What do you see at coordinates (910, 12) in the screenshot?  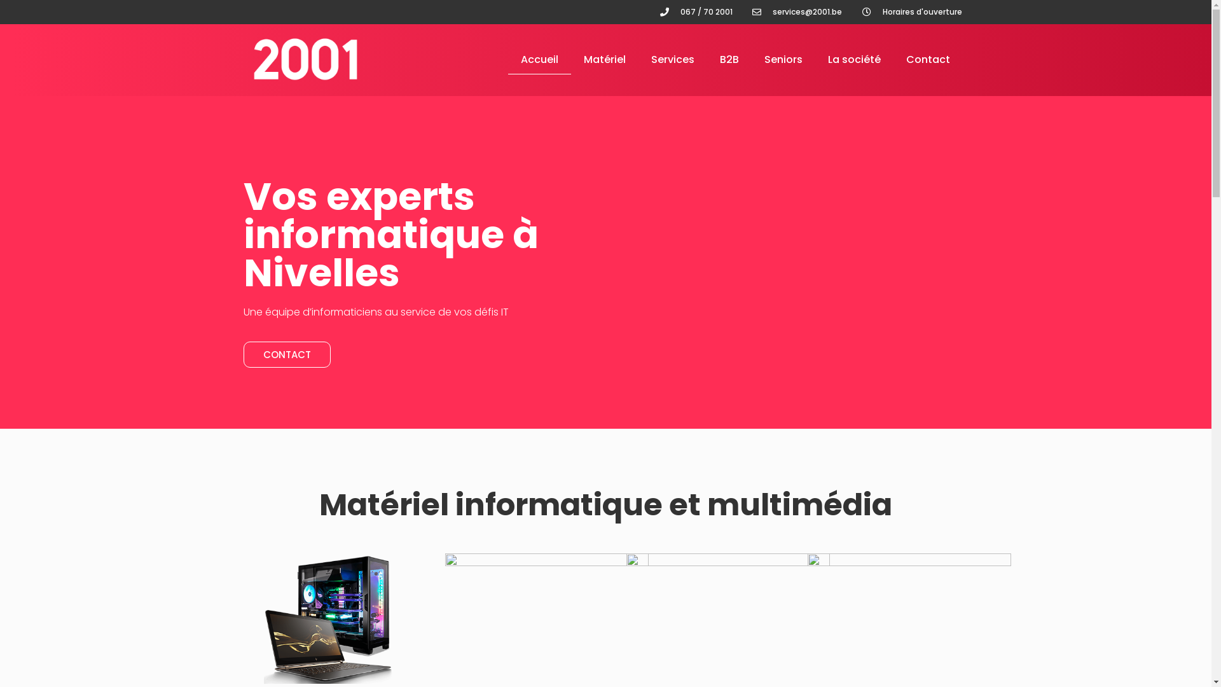 I see `'Horaires d'ouverture'` at bounding box center [910, 12].